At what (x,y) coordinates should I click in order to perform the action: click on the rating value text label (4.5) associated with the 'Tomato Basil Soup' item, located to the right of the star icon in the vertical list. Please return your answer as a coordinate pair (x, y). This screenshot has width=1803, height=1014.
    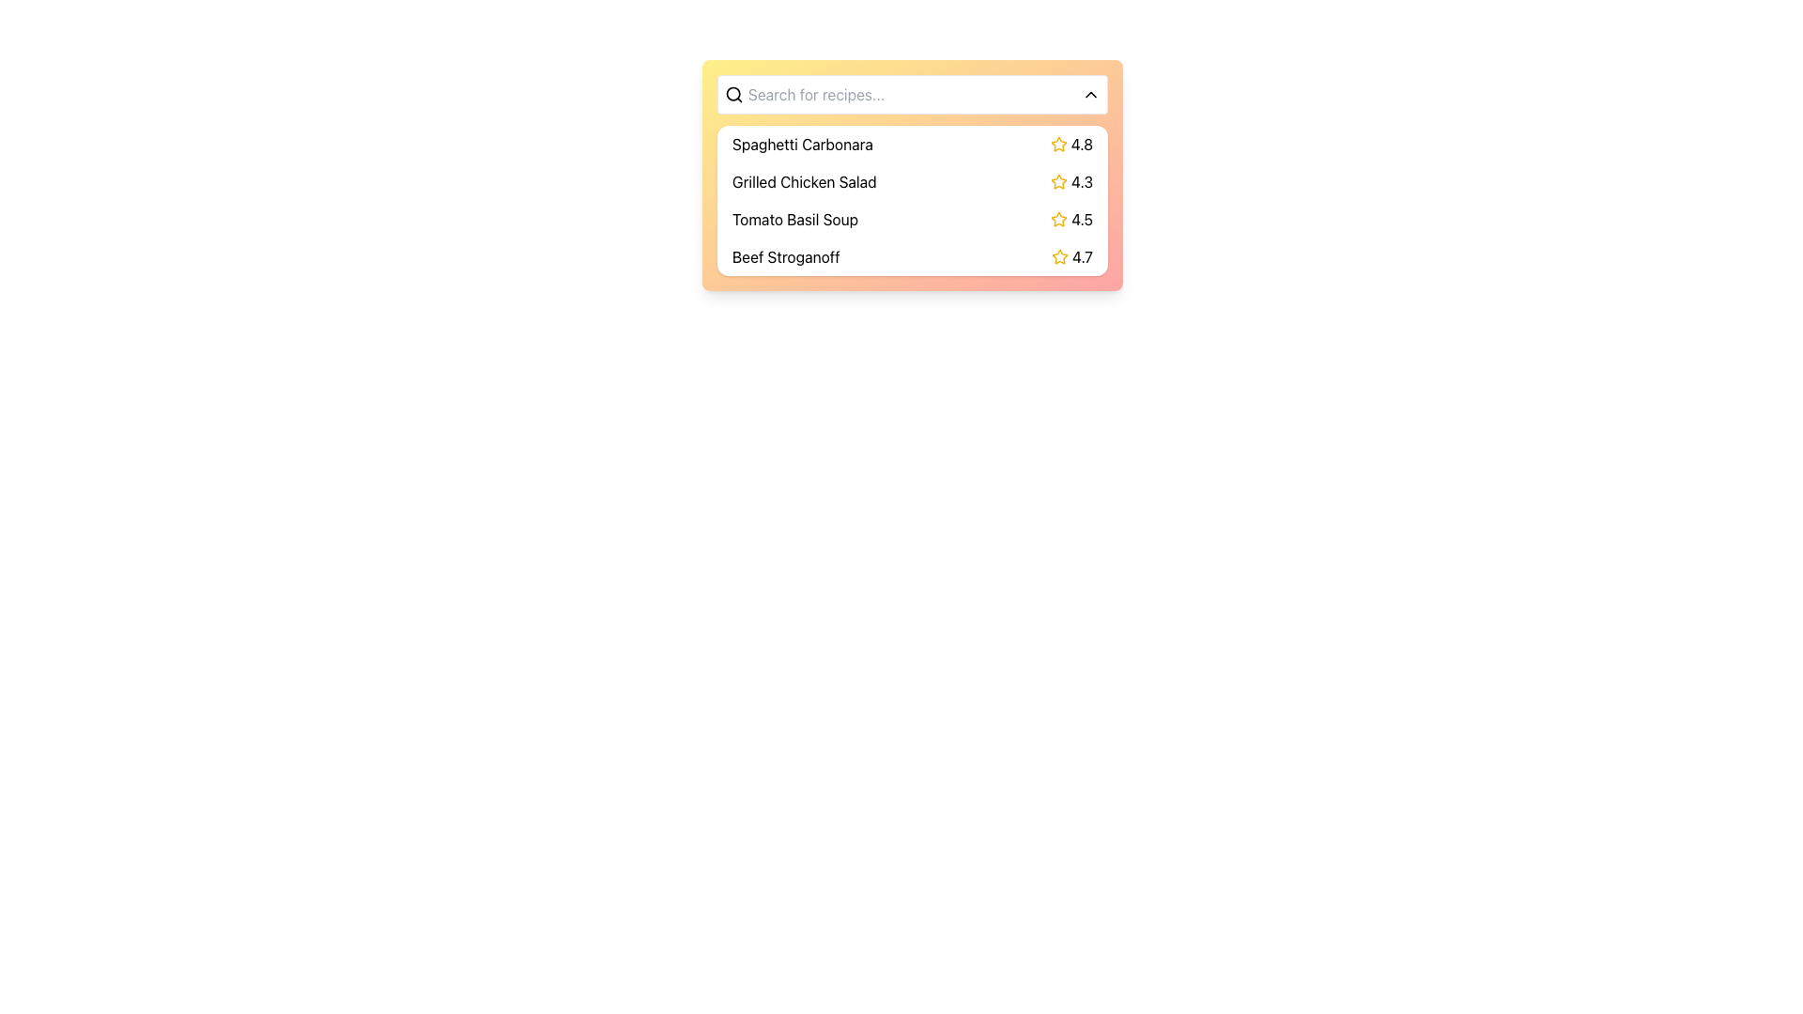
    Looking at the image, I should click on (1071, 219).